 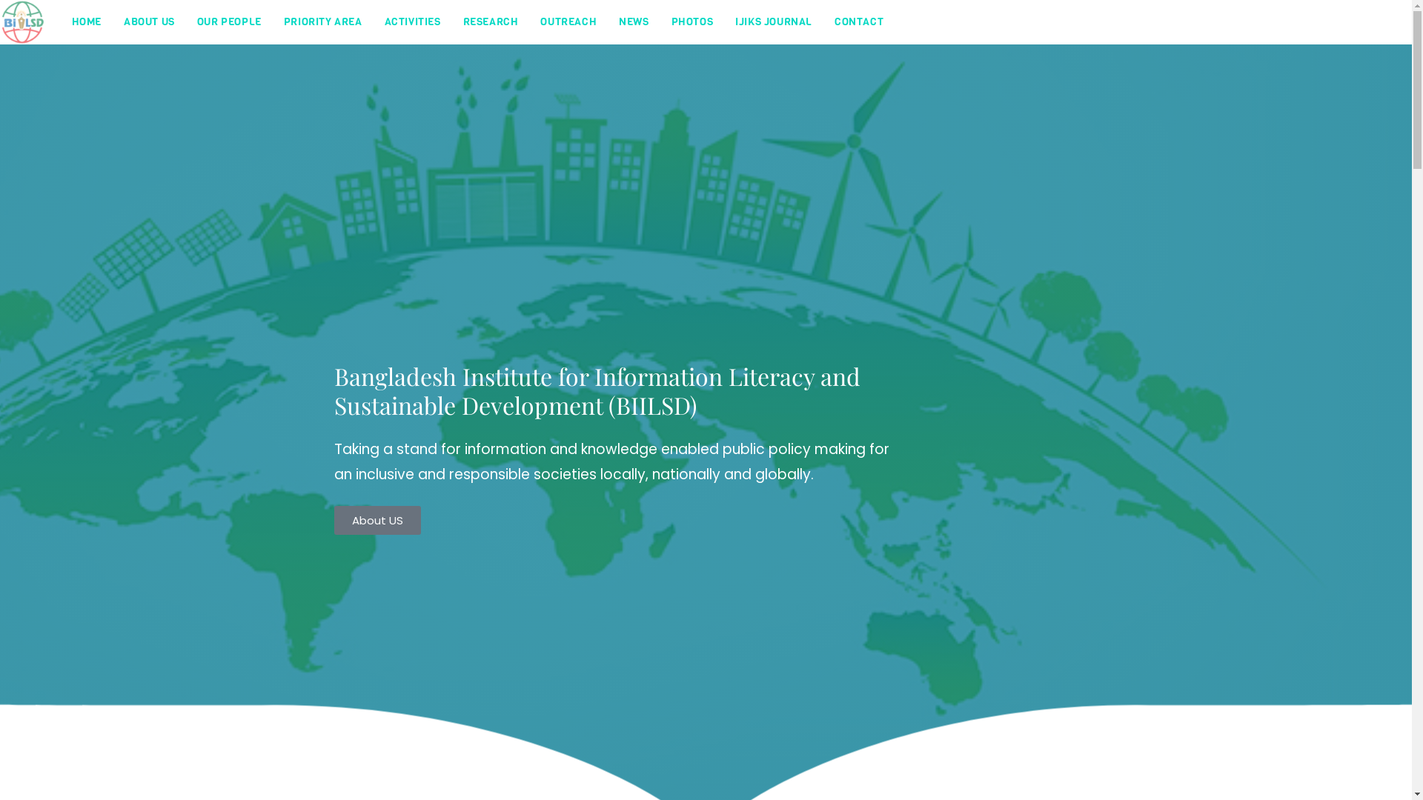 What do you see at coordinates (858, 22) in the screenshot?
I see `'CONTACT'` at bounding box center [858, 22].